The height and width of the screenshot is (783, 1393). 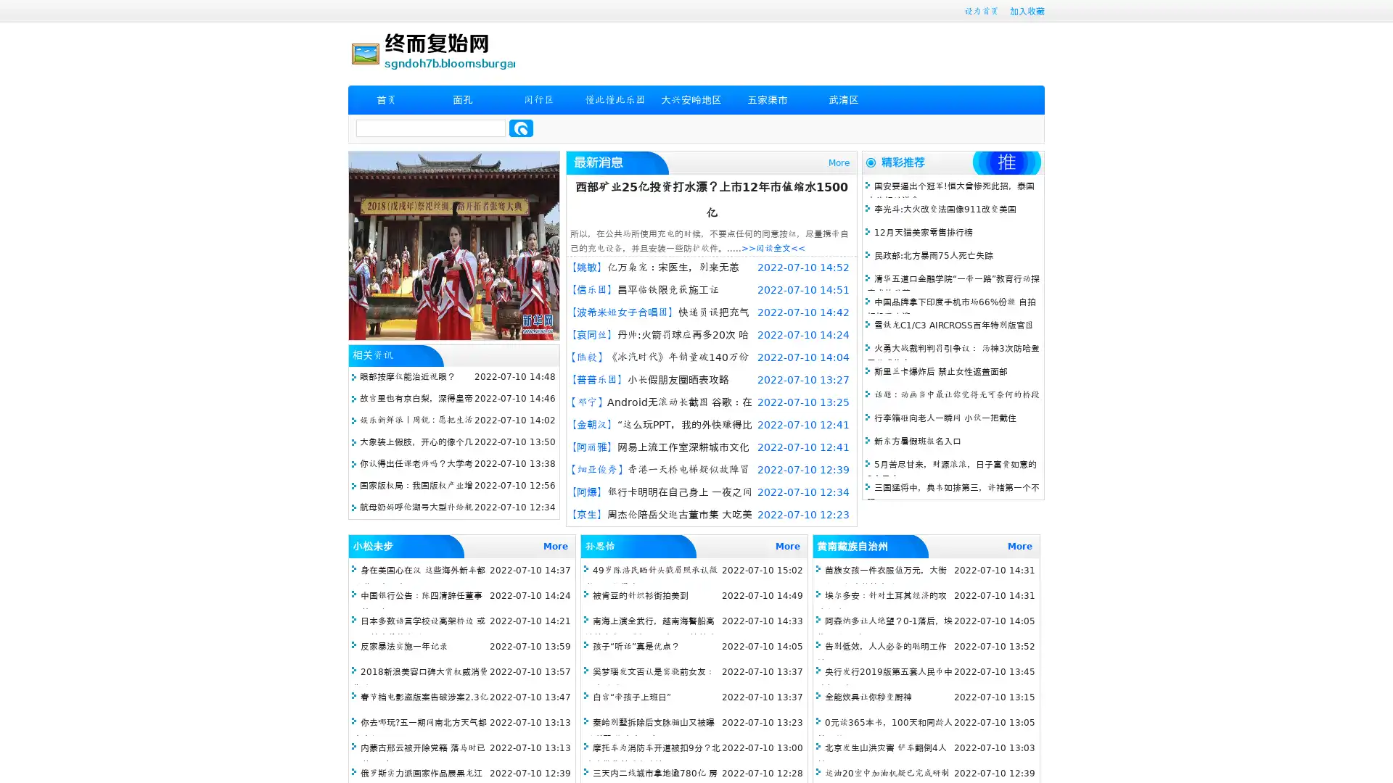 What do you see at coordinates (521, 128) in the screenshot?
I see `Search` at bounding box center [521, 128].